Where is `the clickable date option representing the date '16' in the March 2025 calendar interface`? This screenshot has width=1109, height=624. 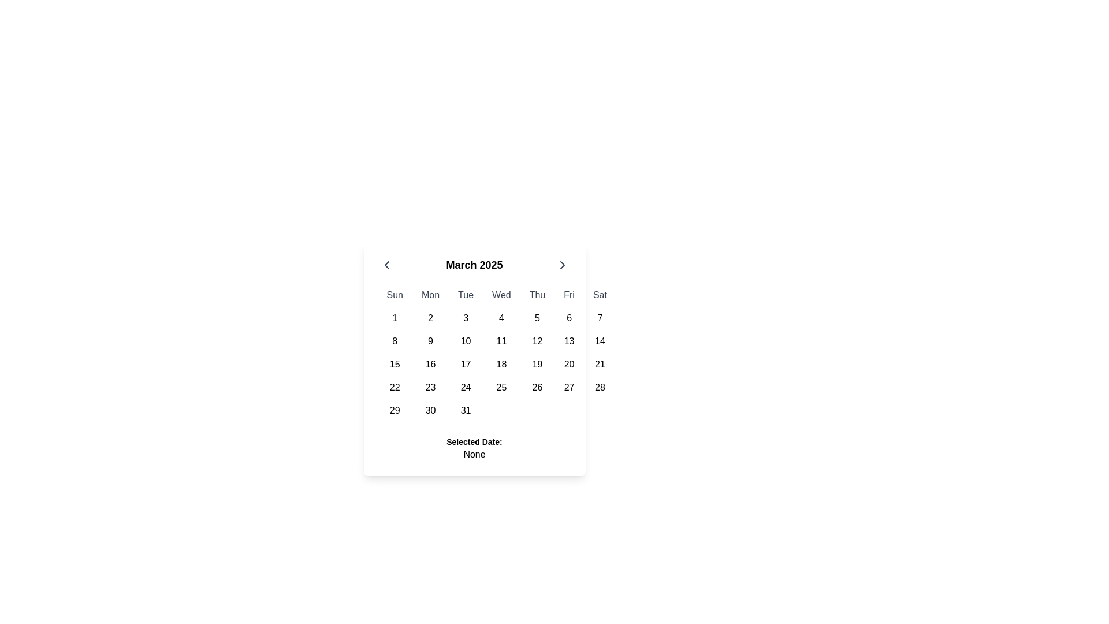 the clickable date option representing the date '16' in the March 2025 calendar interface is located at coordinates (430, 365).